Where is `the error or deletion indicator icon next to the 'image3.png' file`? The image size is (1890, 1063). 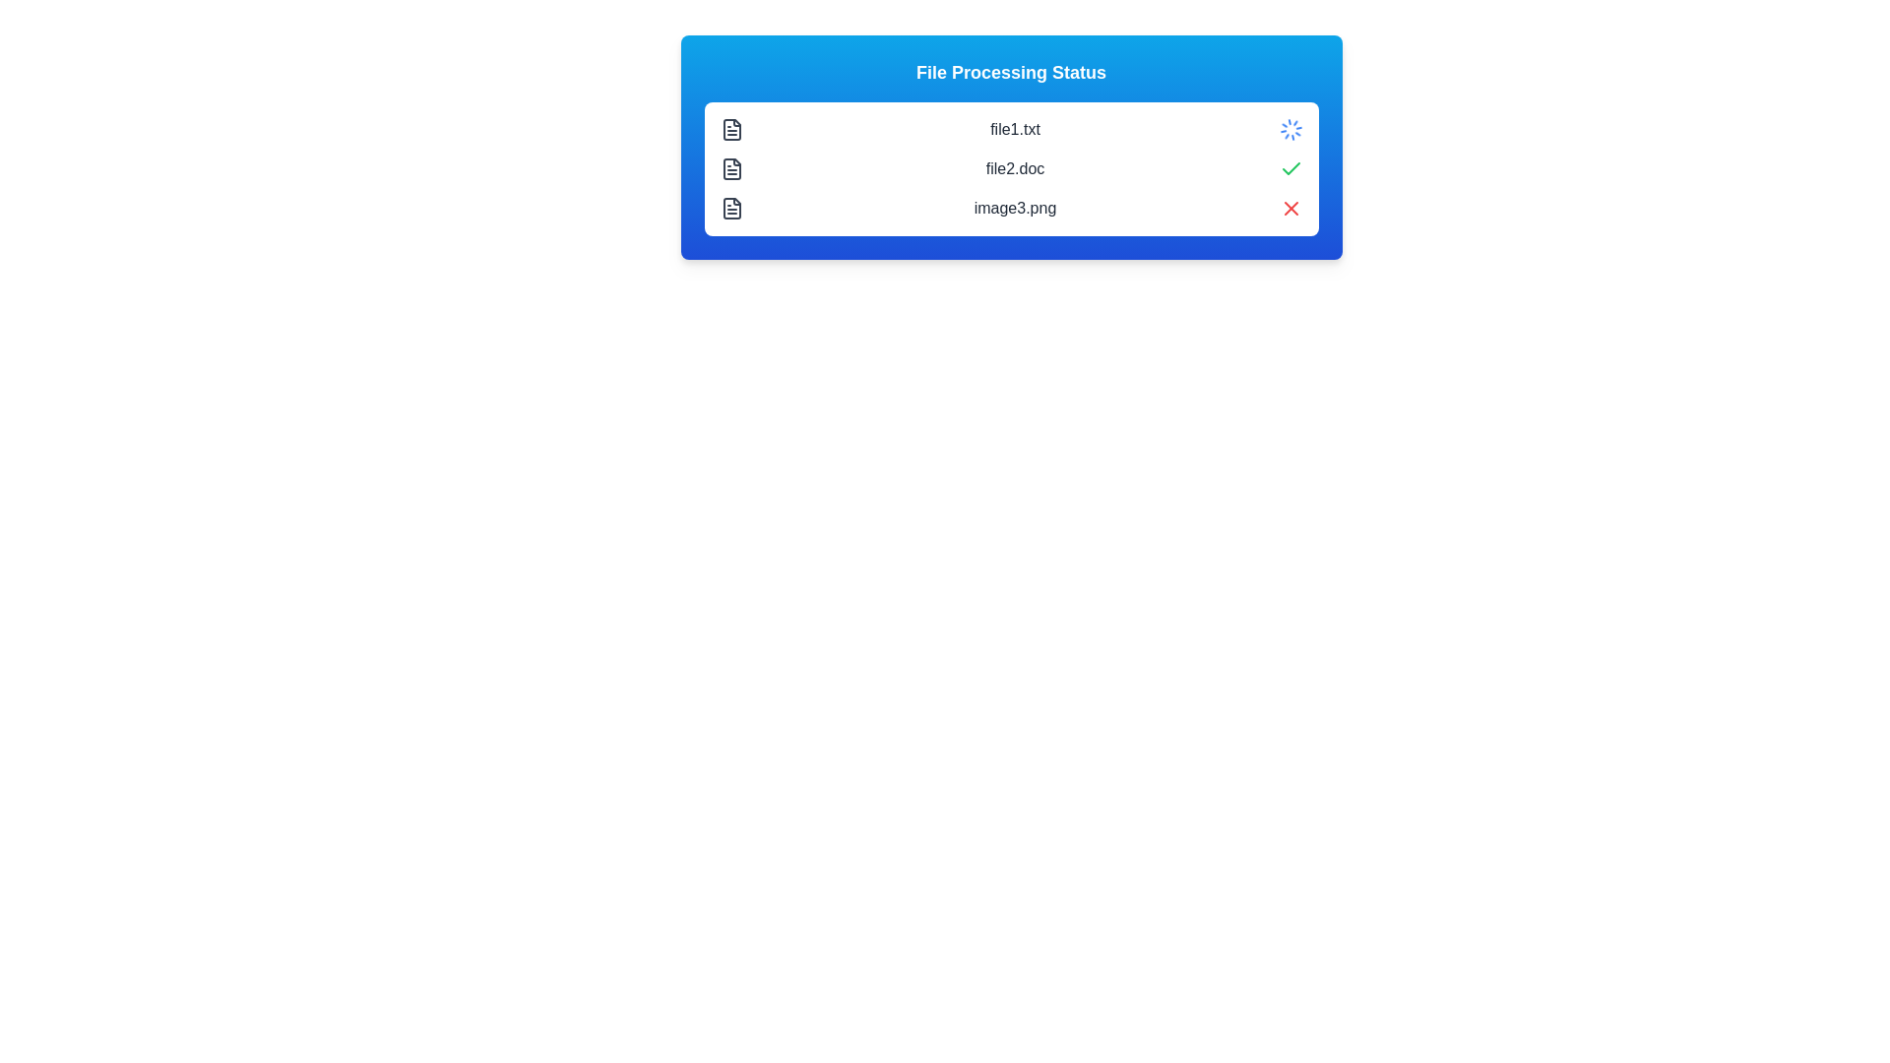
the error or deletion indicator icon next to the 'image3.png' file is located at coordinates (1291, 209).